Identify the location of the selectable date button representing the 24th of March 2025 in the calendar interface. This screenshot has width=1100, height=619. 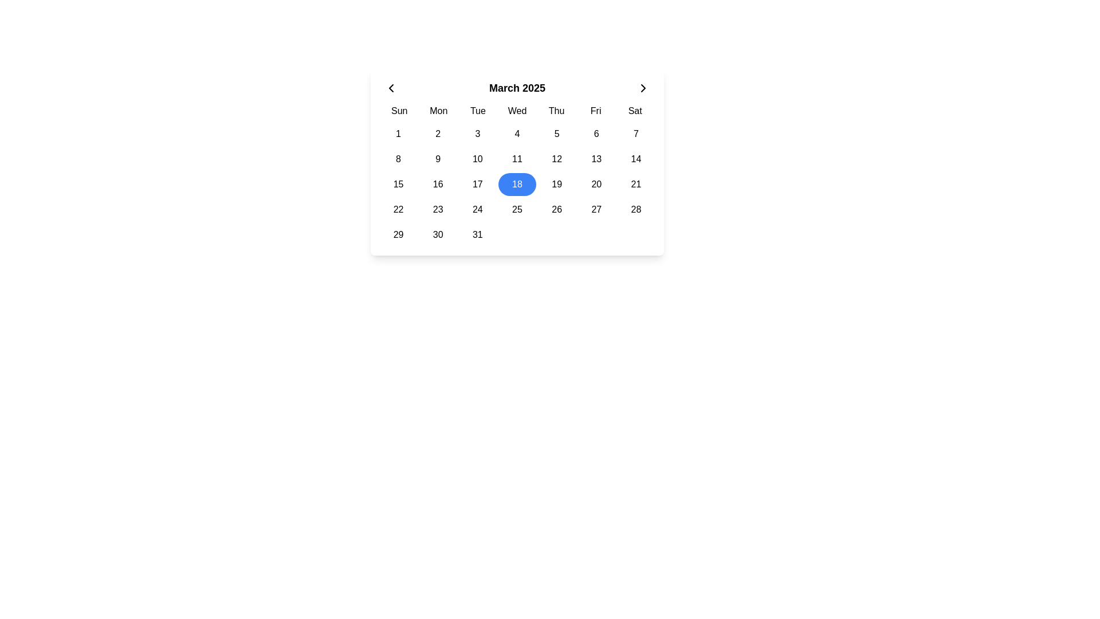
(477, 210).